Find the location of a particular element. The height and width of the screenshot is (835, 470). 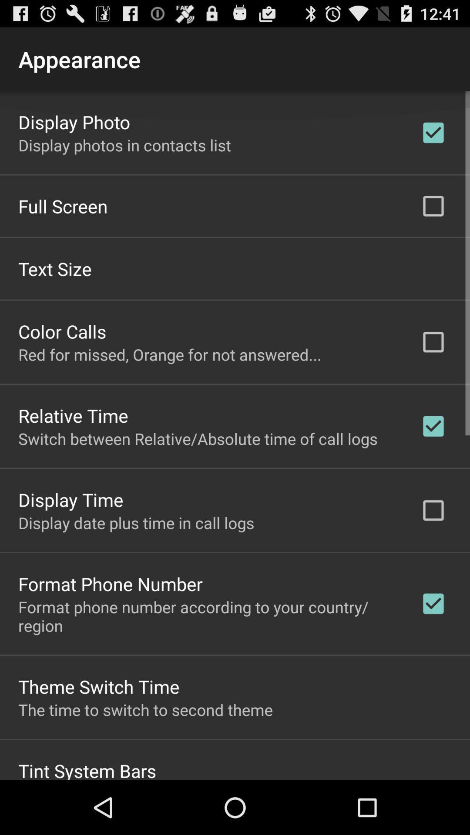

the display photo item is located at coordinates (74, 121).